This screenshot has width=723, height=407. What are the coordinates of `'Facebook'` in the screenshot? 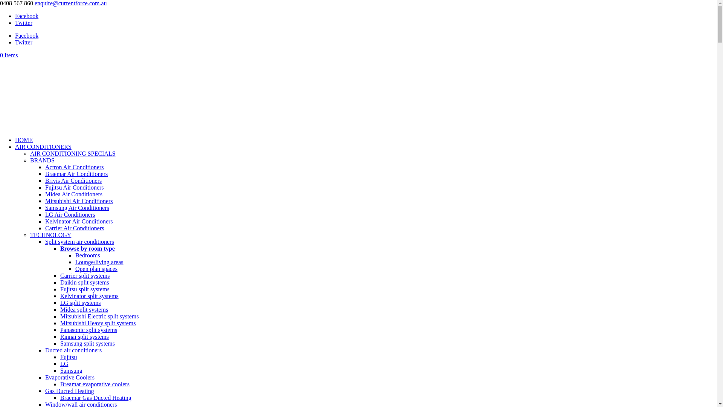 It's located at (27, 35).